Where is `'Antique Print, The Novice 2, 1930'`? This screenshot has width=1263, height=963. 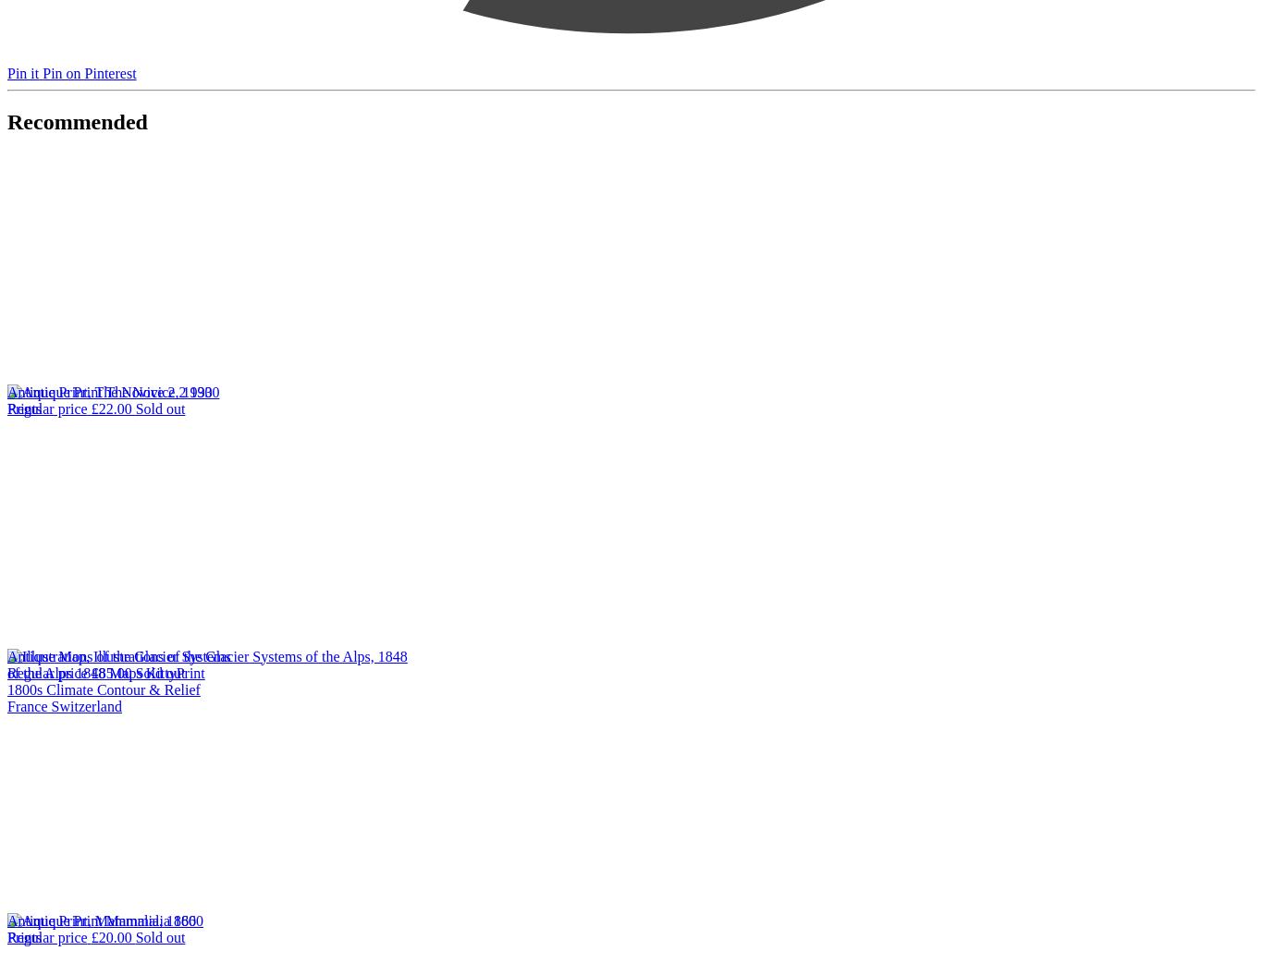 'Antique Print, The Novice 2, 1930' is located at coordinates (108, 390).